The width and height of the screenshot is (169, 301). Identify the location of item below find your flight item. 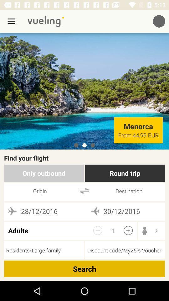
(125, 173).